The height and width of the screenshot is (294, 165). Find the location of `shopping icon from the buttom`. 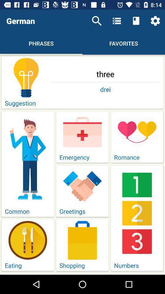

shopping icon from the buttom is located at coordinates (82, 240).